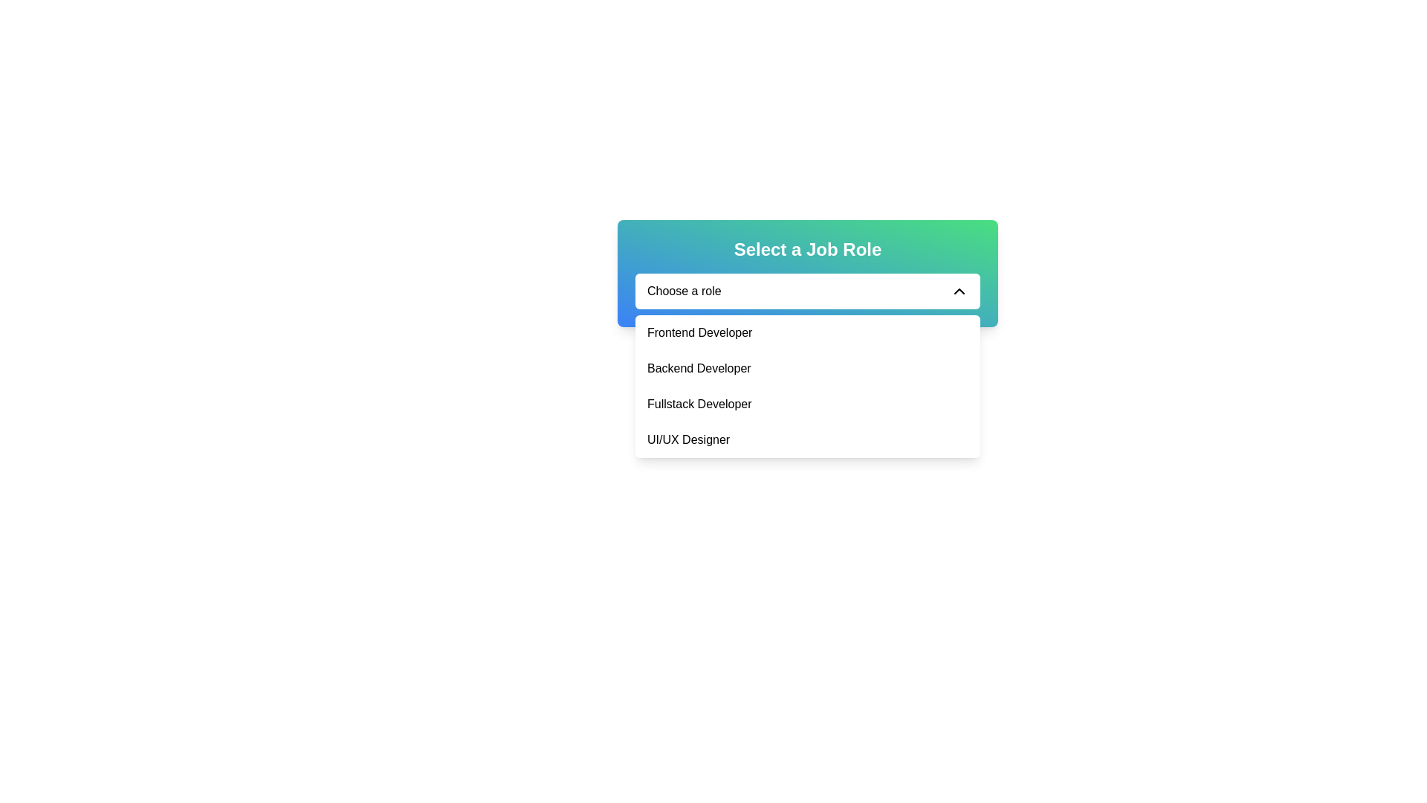 The image size is (1427, 803). Describe the element at coordinates (806, 386) in the screenshot. I see `the 'Fullstack Developer' option in the dropdown menu titled 'Choose a role'` at that location.